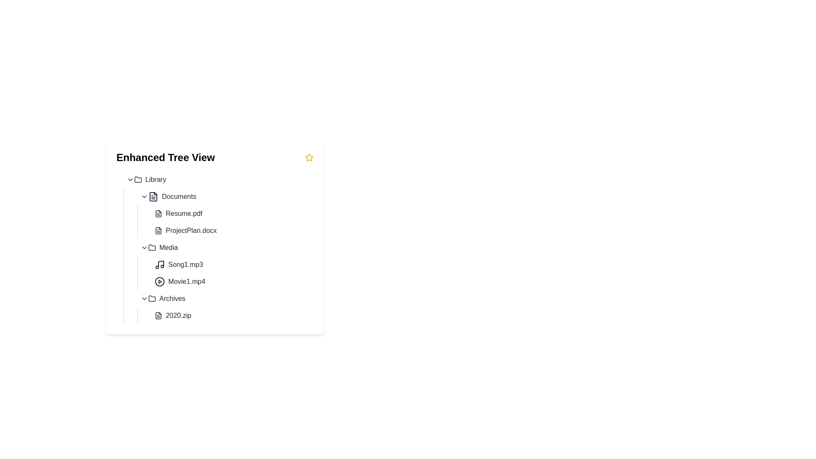  I want to click on the collapsible tree node for 'Archives' located in the 'Media' section, so click(225, 298).